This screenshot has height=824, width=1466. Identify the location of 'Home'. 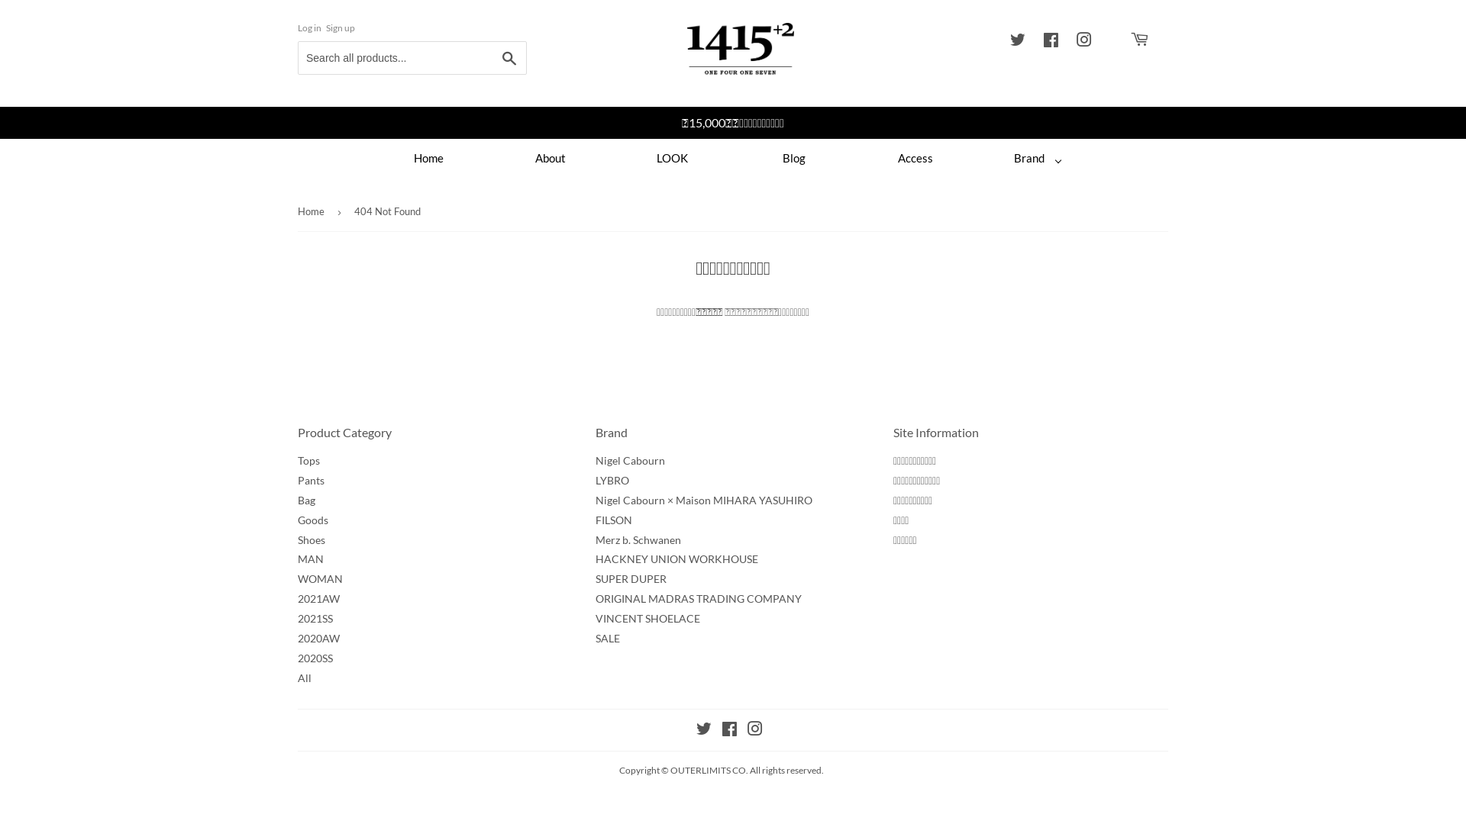
(297, 211).